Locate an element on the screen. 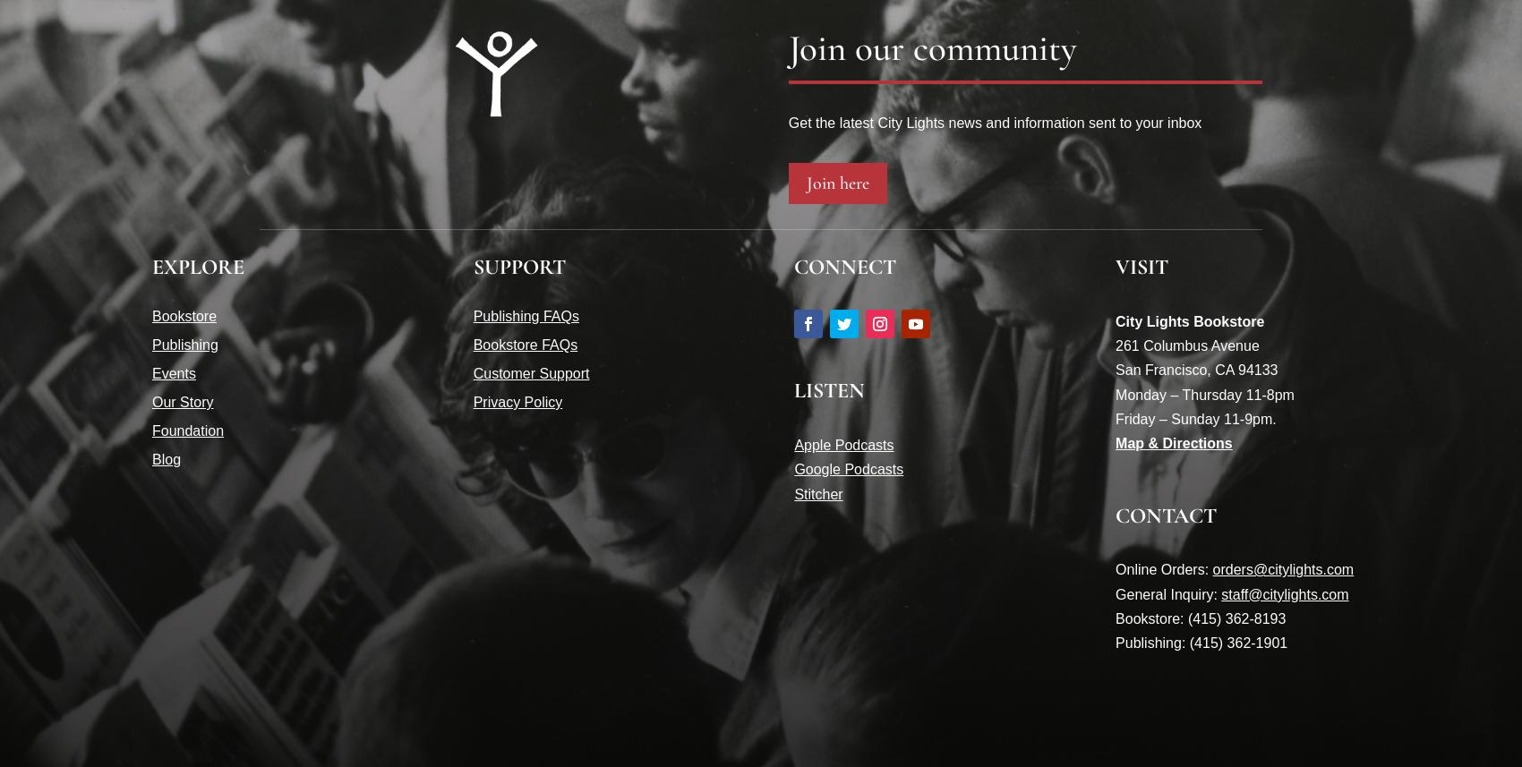 Image resolution: width=1522 pixels, height=767 pixels. 'Customer Support' is located at coordinates (529, 373).